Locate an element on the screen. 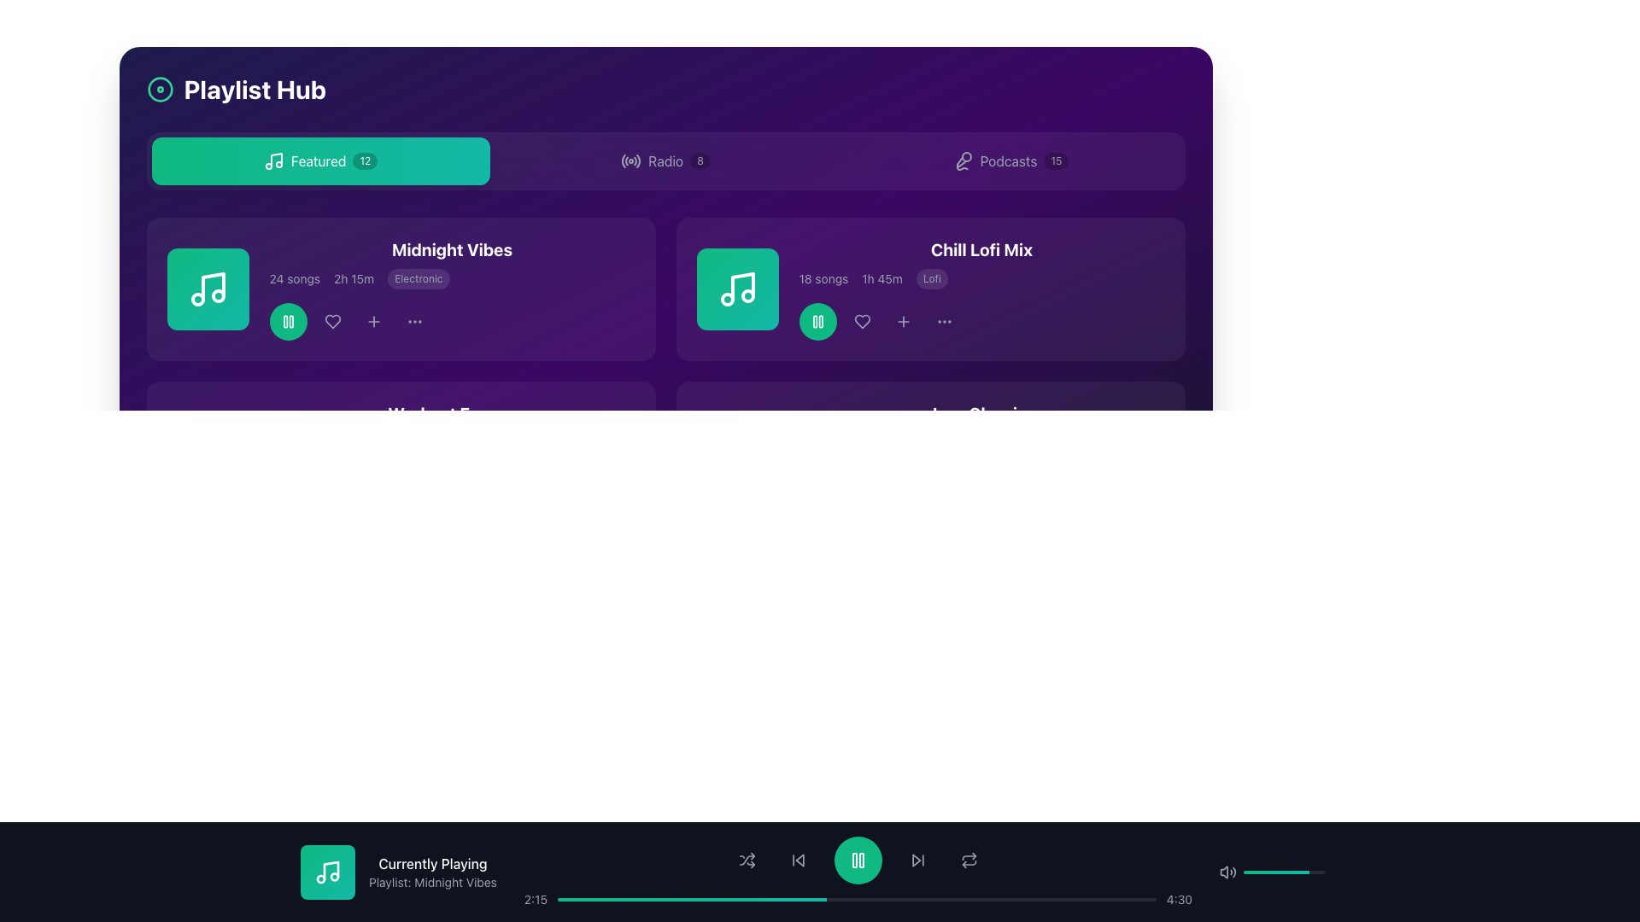  the textual badge displaying '15' located to the right of the 'Podcasts' label in the top navigation bar is located at coordinates (1055, 161).